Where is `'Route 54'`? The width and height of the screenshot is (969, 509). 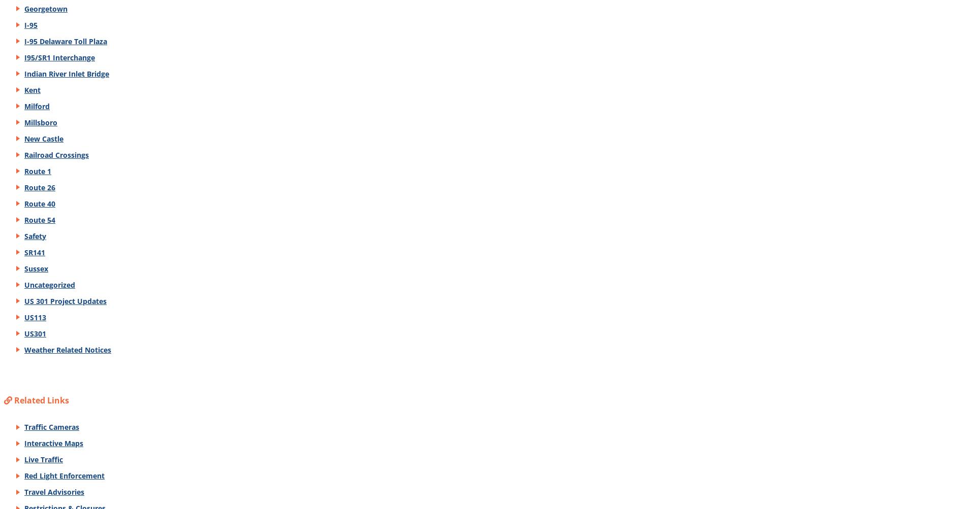 'Route 54' is located at coordinates (39, 219).